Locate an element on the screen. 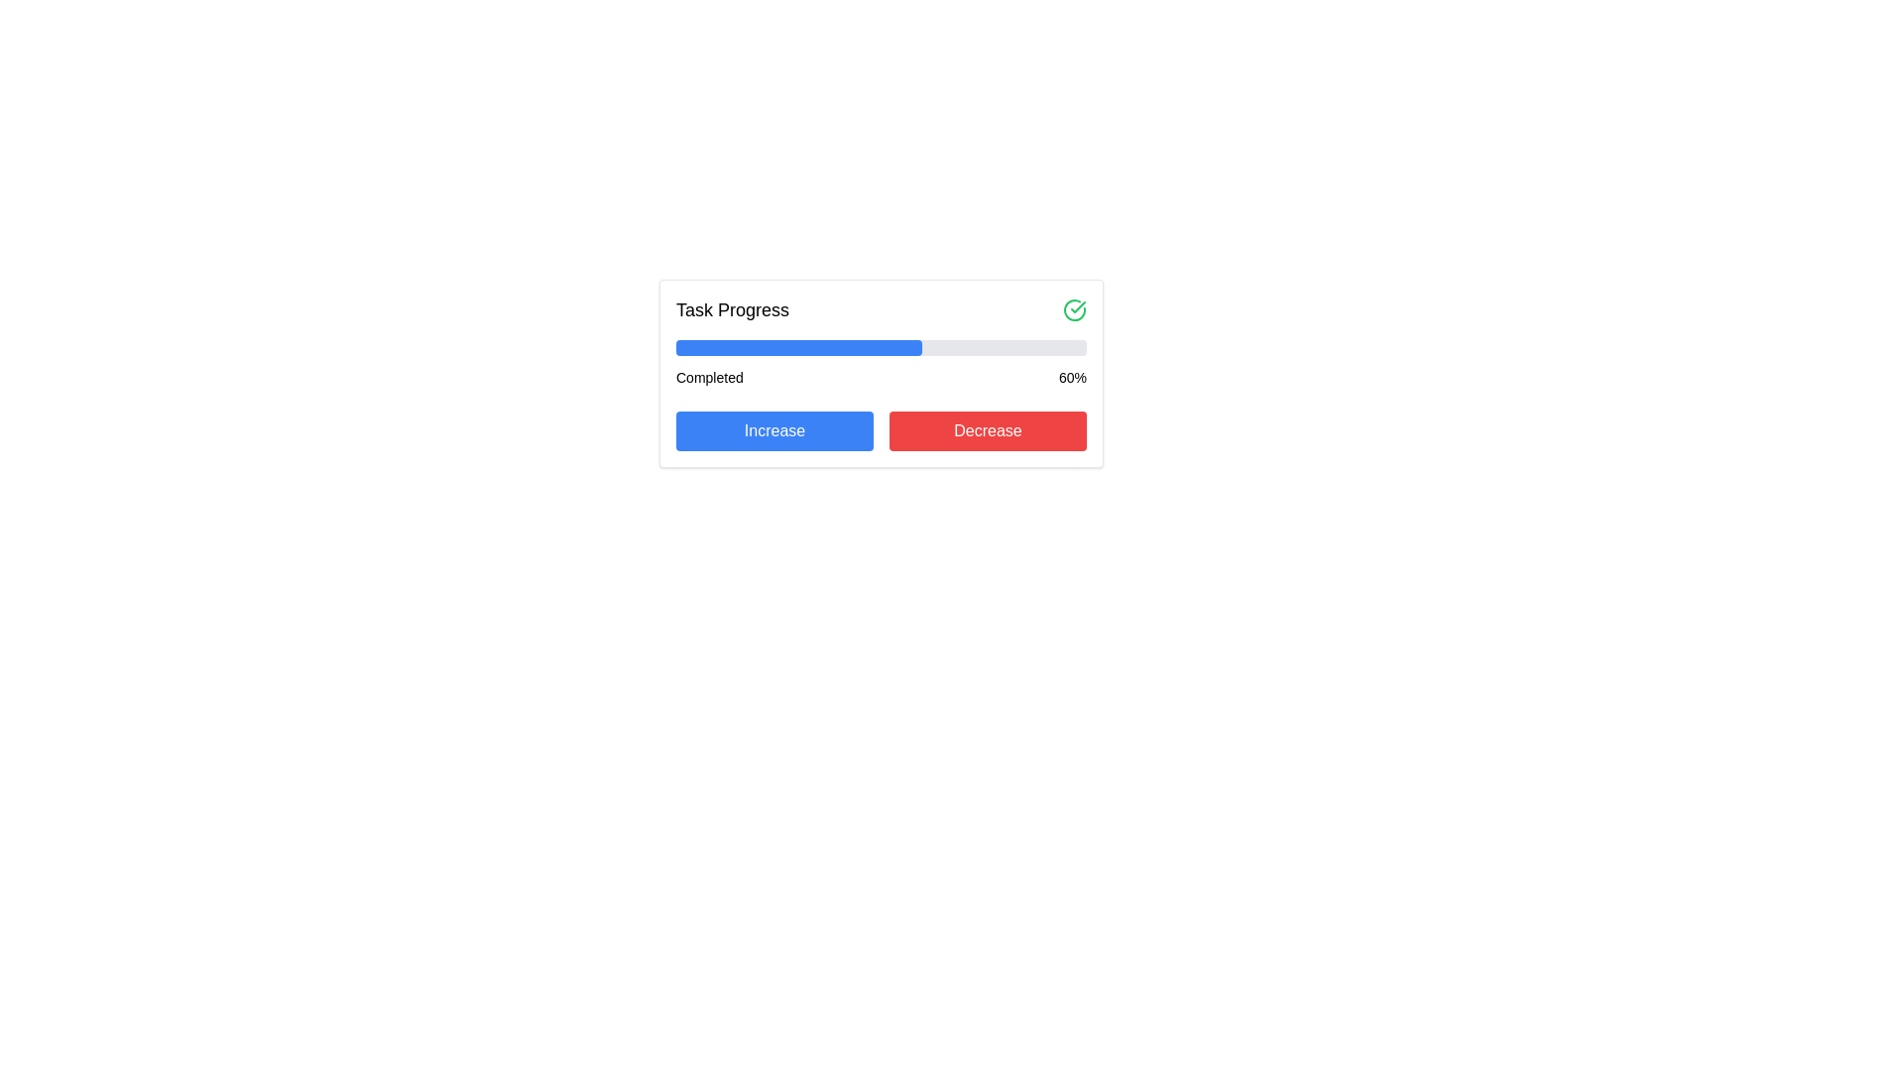 Image resolution: width=1904 pixels, height=1071 pixels. the horizontal progress bar indicating 60% progress, located below the 'Task Progress' heading and above the 'Completed' label is located at coordinates (880, 347).